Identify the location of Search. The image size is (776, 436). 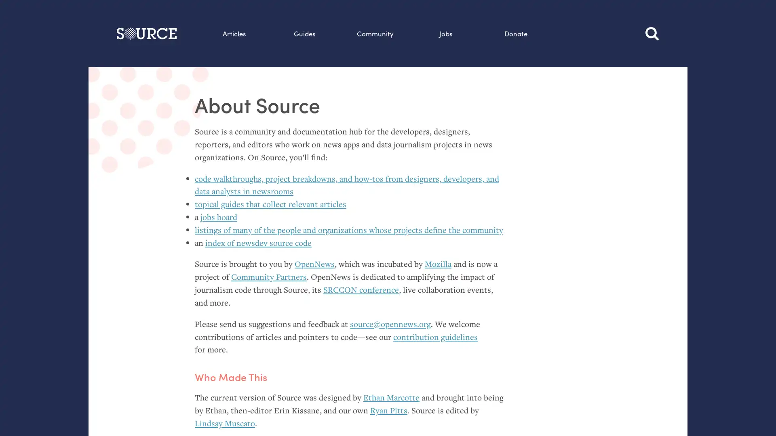
(652, 105).